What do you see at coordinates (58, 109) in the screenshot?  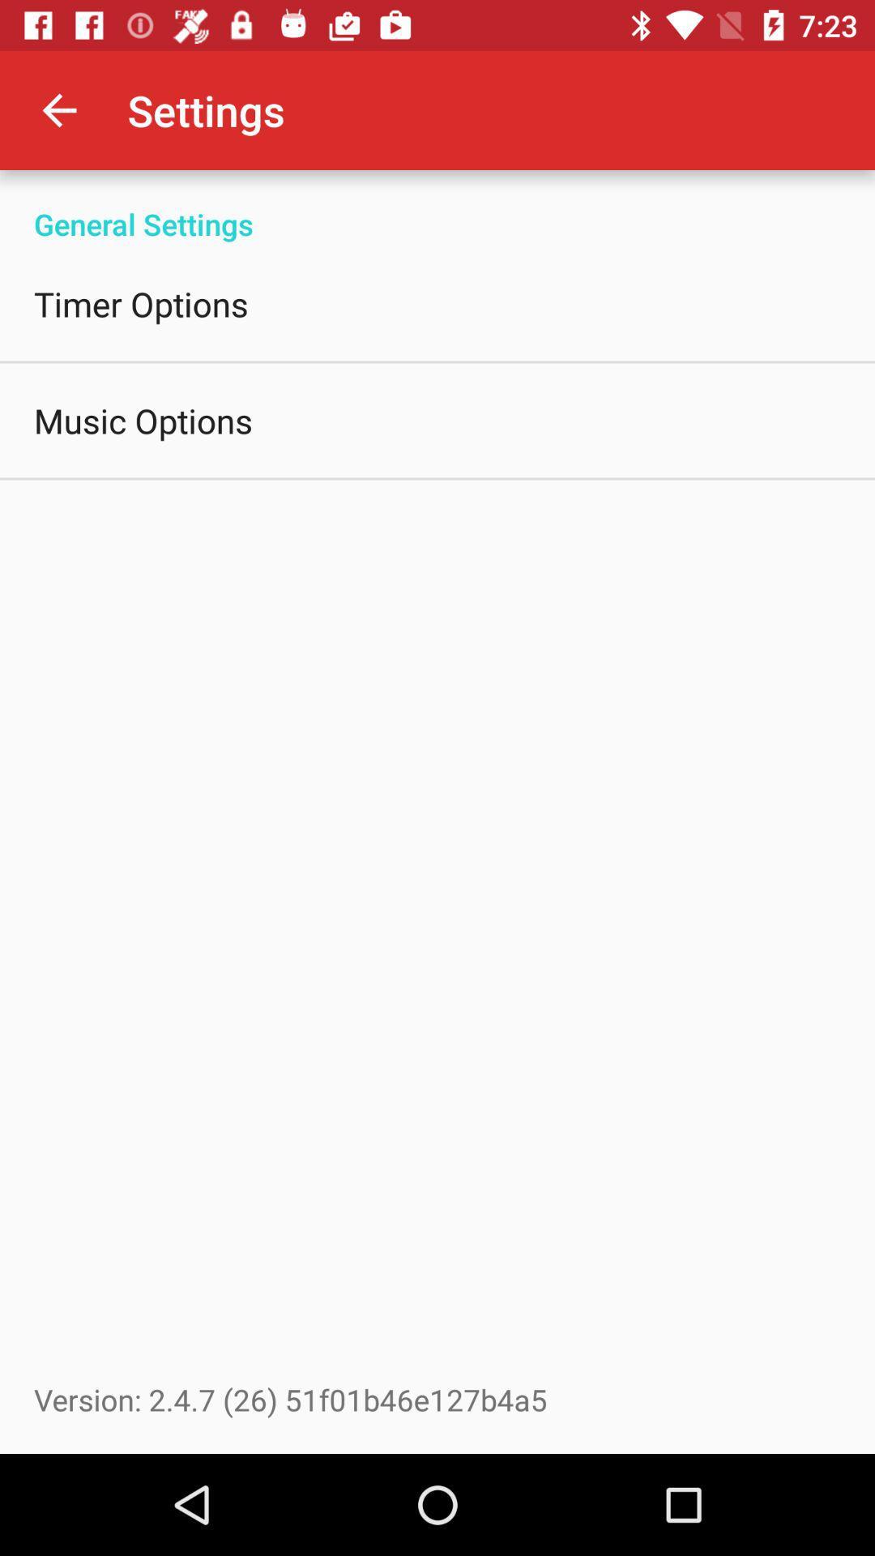 I see `item above general settings` at bounding box center [58, 109].